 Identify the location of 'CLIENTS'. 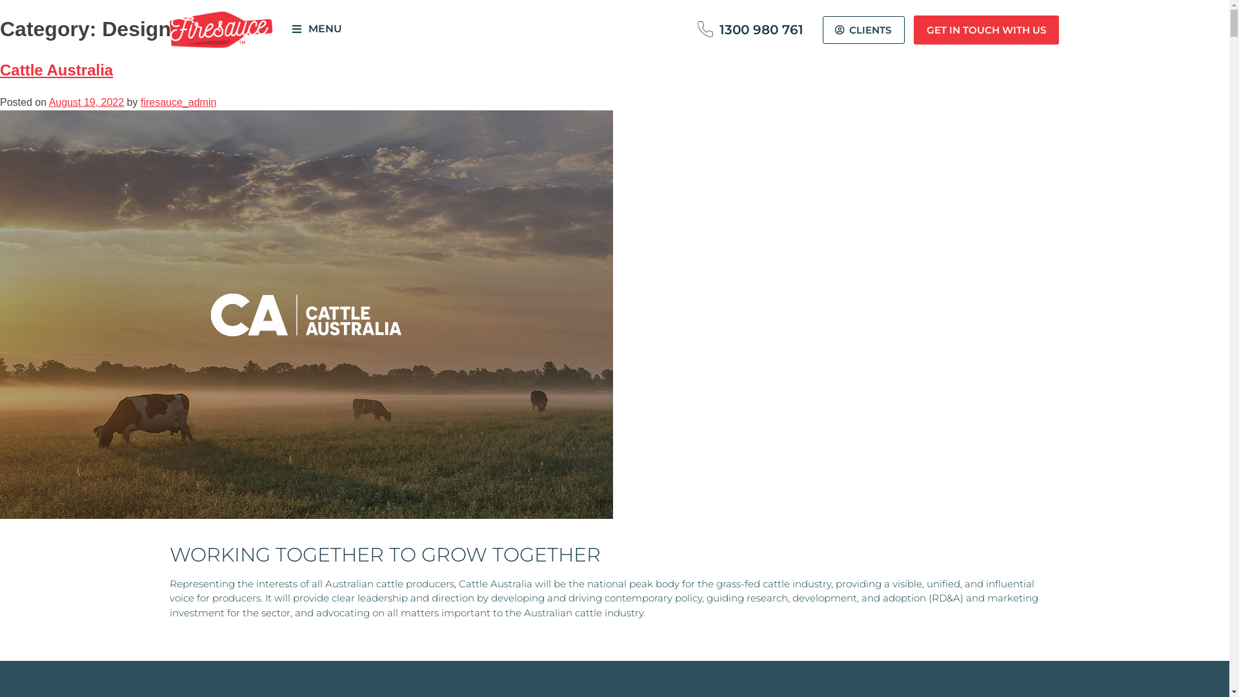
(863, 29).